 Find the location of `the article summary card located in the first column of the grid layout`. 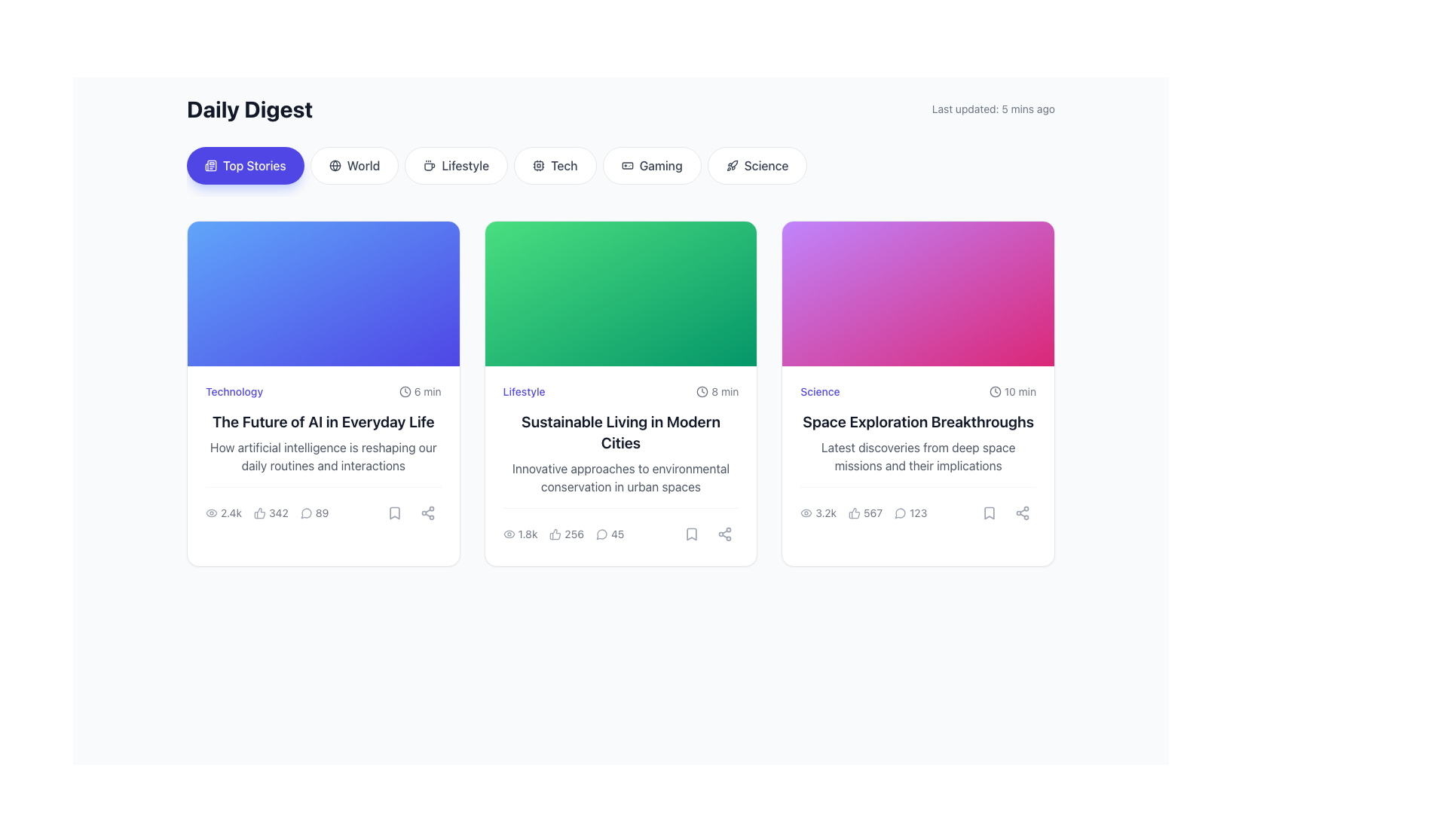

the article summary card located in the first column of the grid layout is located at coordinates (323, 393).